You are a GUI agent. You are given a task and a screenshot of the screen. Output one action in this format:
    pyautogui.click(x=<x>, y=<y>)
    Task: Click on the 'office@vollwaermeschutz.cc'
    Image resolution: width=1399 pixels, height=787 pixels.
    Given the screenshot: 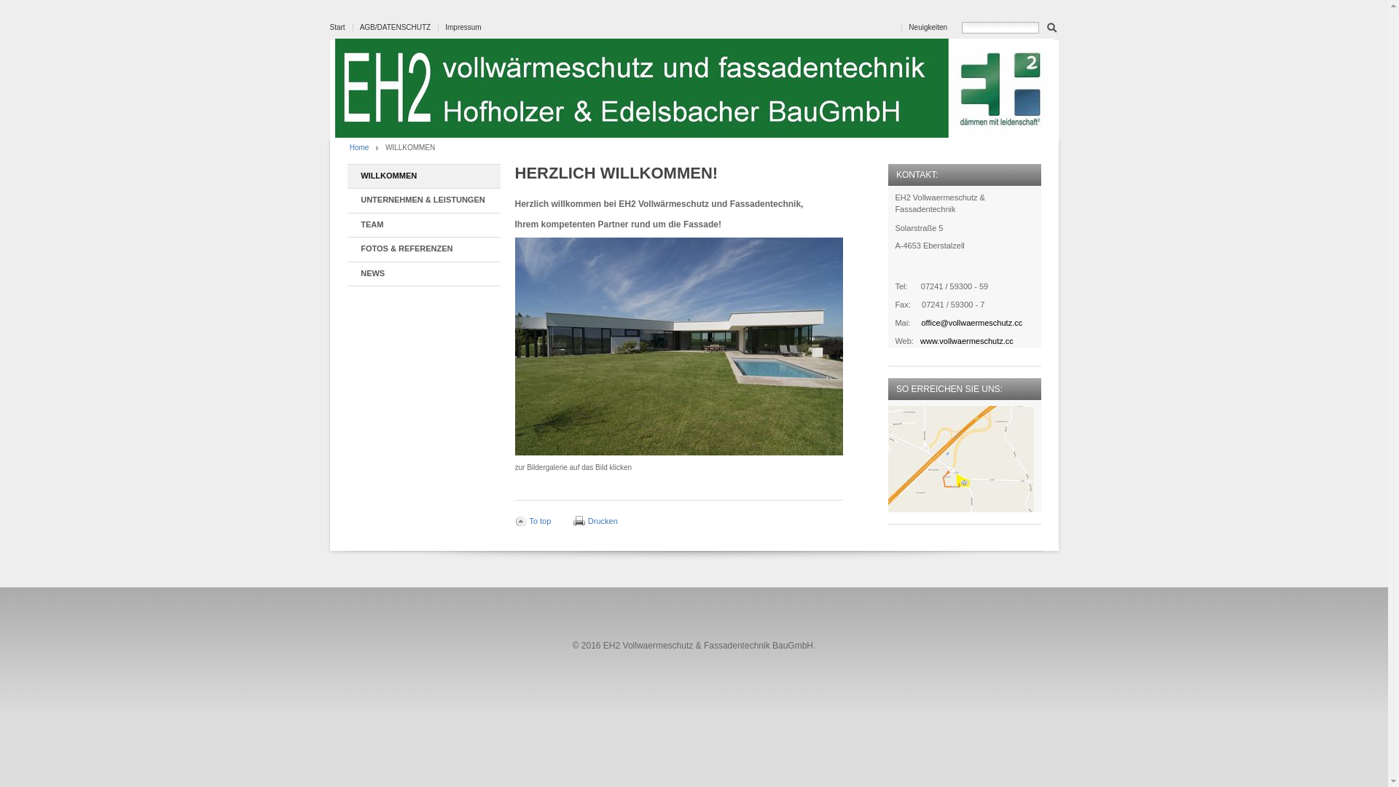 What is the action you would take?
    pyautogui.click(x=971, y=322)
    